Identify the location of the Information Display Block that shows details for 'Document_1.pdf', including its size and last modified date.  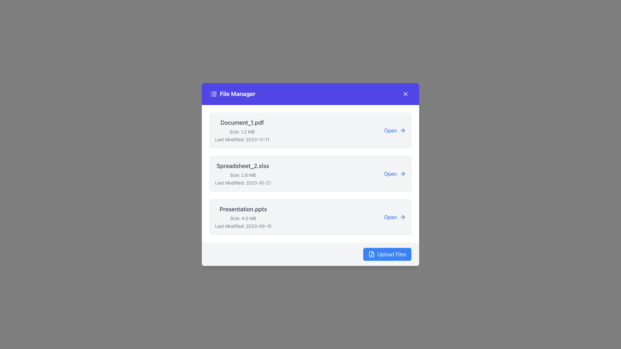
(242, 131).